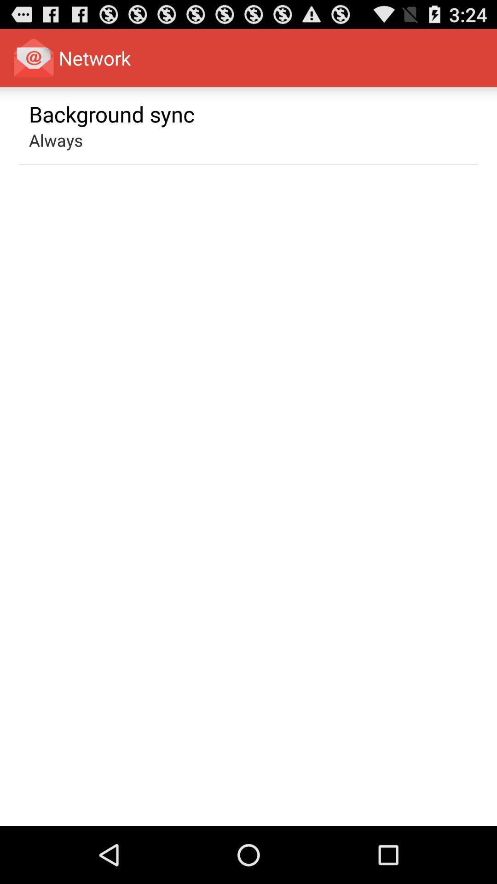 This screenshot has height=884, width=497. I want to click on the always app, so click(56, 140).